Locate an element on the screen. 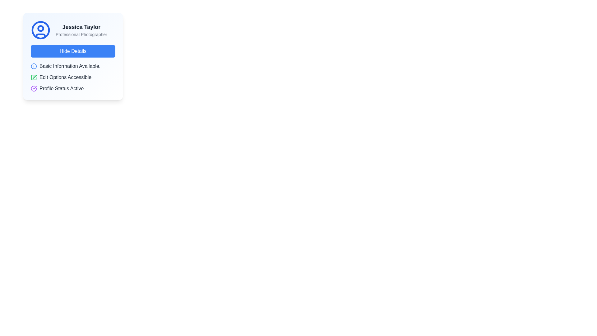  the informational text label that provides a brief description of the user's basic profile information, located beneath the 'Hide Details' button and above 'Edit Options Accessible' is located at coordinates (70, 66).